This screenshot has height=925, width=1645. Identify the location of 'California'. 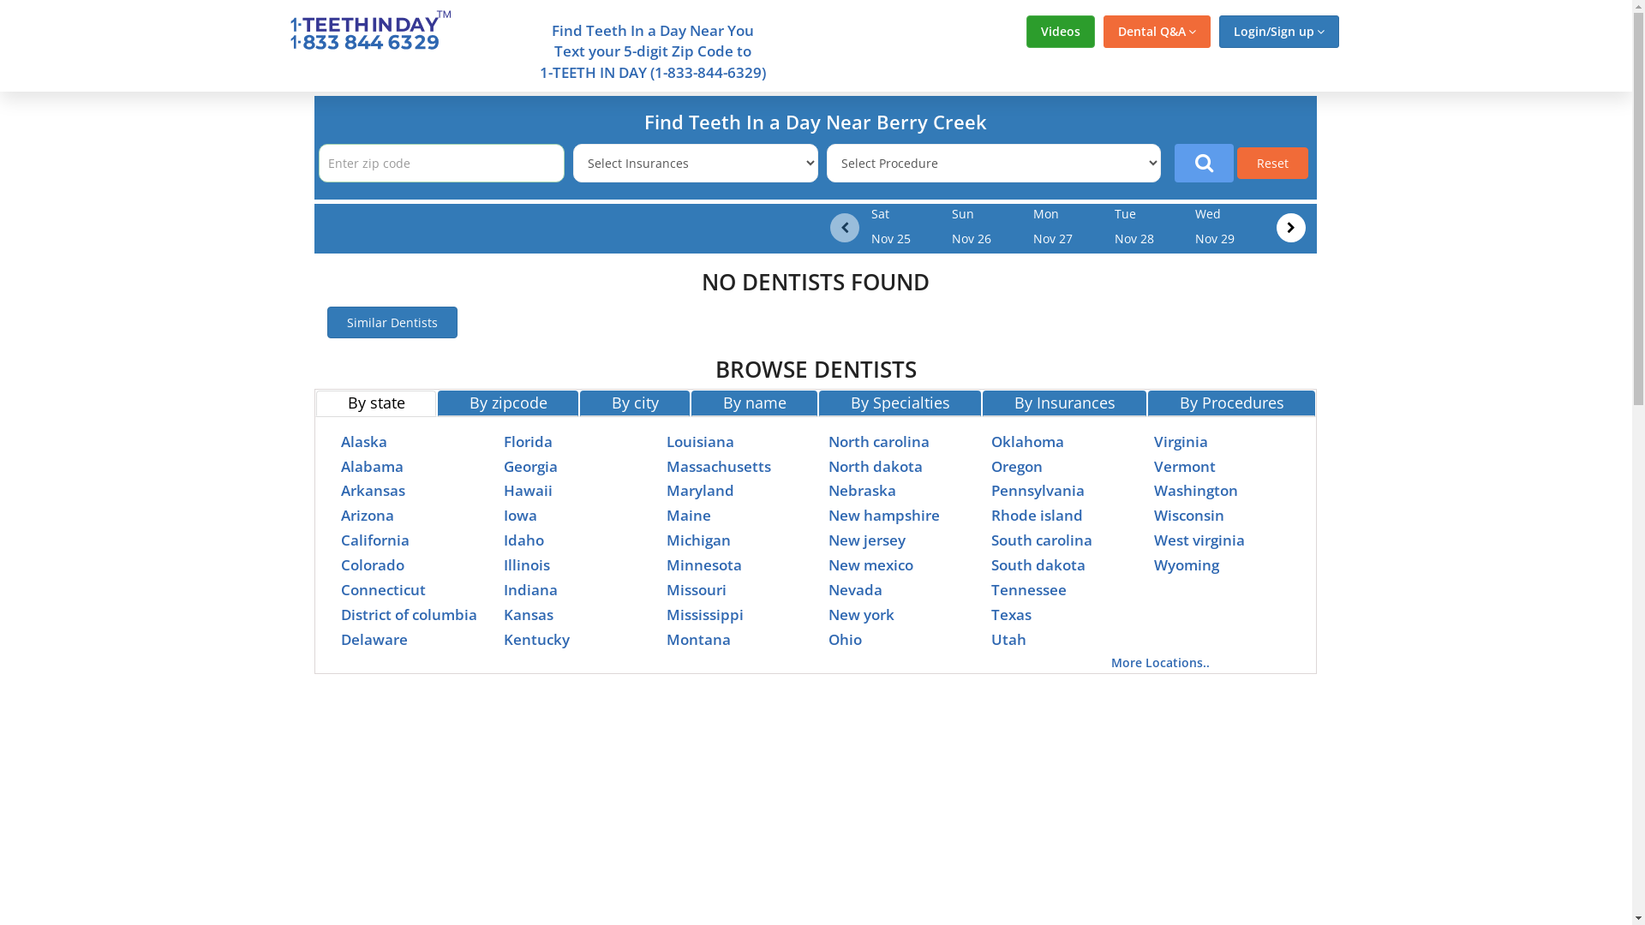
(374, 540).